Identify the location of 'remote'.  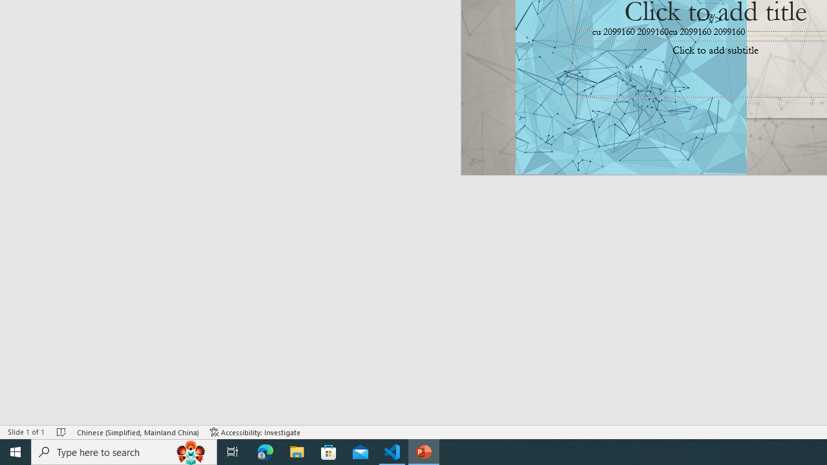
(78, 405).